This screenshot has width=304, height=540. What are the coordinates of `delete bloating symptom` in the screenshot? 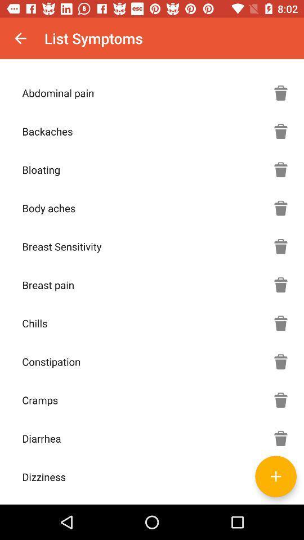 It's located at (280, 169).